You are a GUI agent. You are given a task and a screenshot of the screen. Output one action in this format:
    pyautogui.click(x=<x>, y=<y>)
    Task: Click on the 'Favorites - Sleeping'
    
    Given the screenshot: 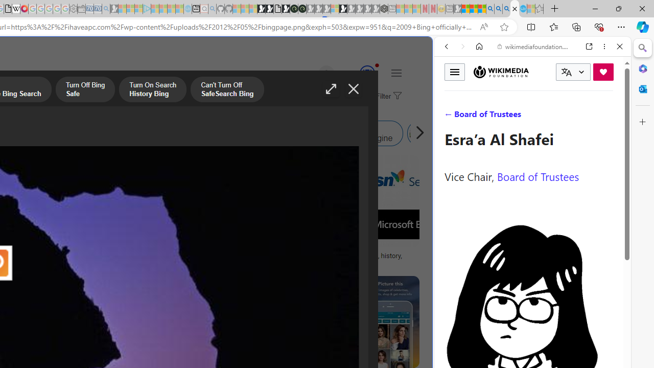 What is the action you would take?
    pyautogui.click(x=539, y=9)
    